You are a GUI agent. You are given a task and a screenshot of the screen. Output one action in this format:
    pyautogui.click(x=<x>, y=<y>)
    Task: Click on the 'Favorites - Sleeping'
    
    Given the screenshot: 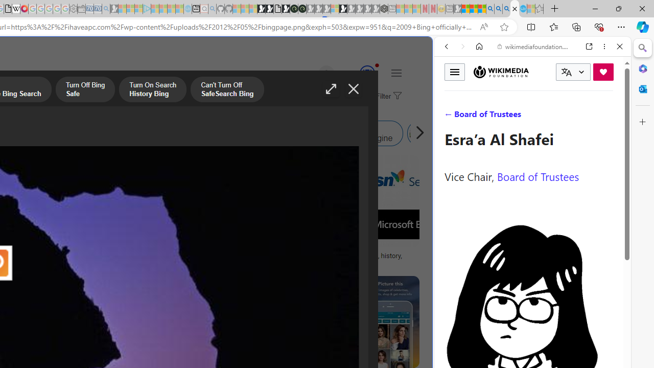 What is the action you would take?
    pyautogui.click(x=539, y=9)
    